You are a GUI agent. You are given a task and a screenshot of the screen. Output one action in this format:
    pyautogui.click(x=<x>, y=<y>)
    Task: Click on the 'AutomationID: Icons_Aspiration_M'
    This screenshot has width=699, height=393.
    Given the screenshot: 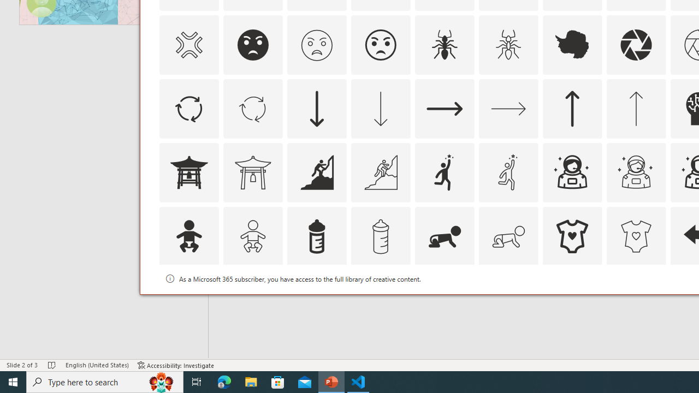 What is the action you would take?
    pyautogui.click(x=380, y=172)
    